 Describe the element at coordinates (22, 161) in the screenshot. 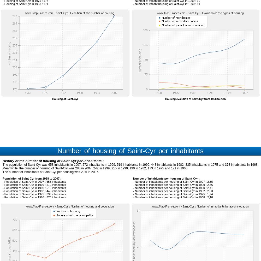

I see `'History of the number of'` at that location.